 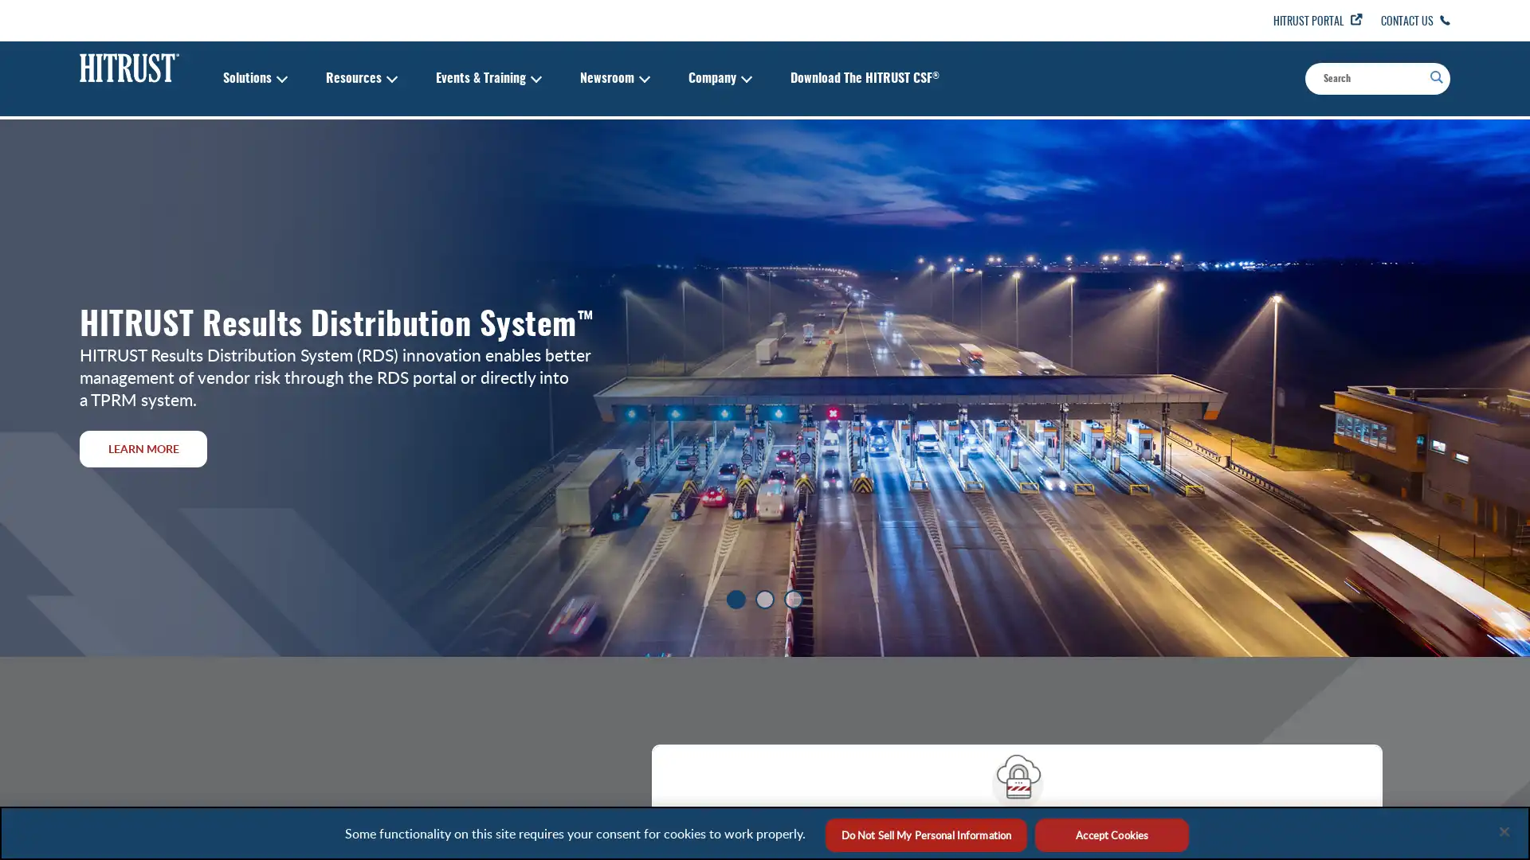 I want to click on Close, so click(x=1503, y=831).